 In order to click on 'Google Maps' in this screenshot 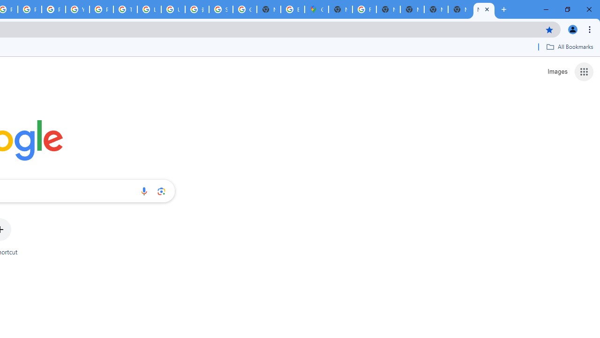, I will do `click(316, 9)`.